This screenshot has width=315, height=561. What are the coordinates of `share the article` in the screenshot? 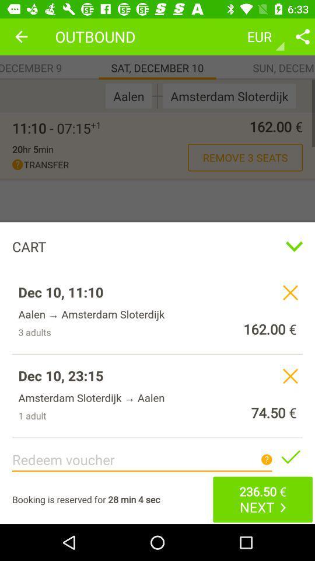 It's located at (289, 456).